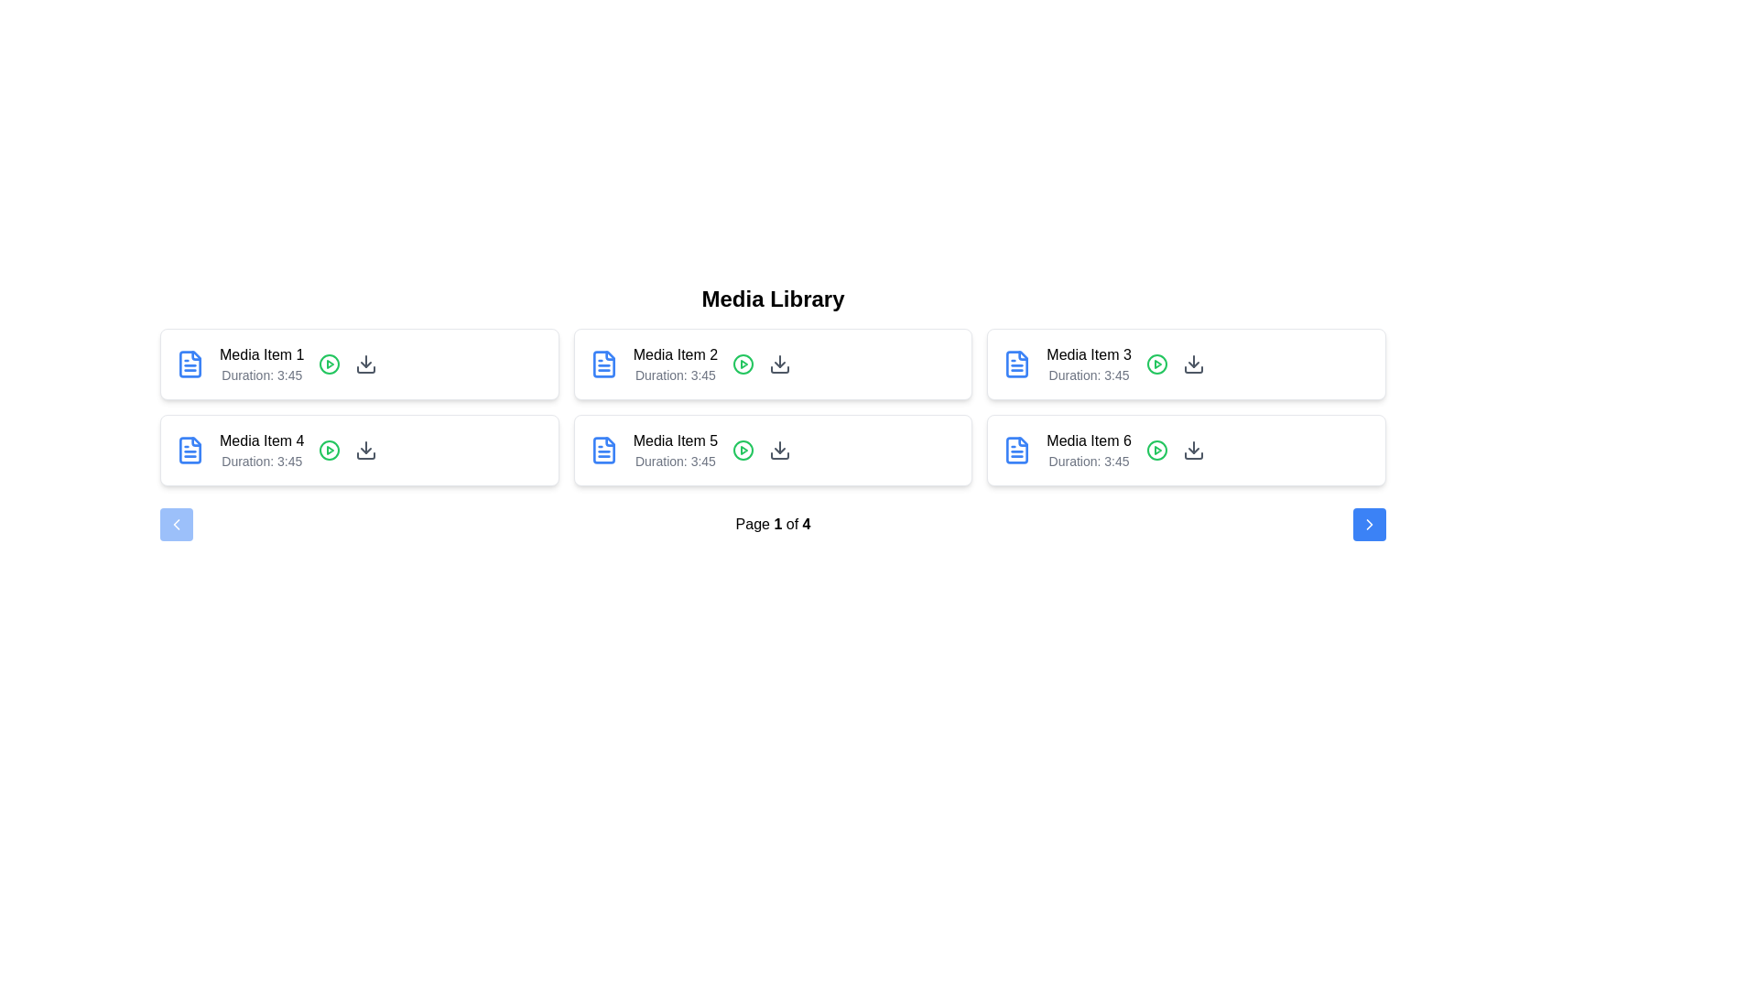 Image resolution: width=1758 pixels, height=989 pixels. Describe the element at coordinates (674, 441) in the screenshot. I see `the text display element that serves as the title for 'Media Item 5', located at the top of the second row within a grid-style layout of media items` at that location.